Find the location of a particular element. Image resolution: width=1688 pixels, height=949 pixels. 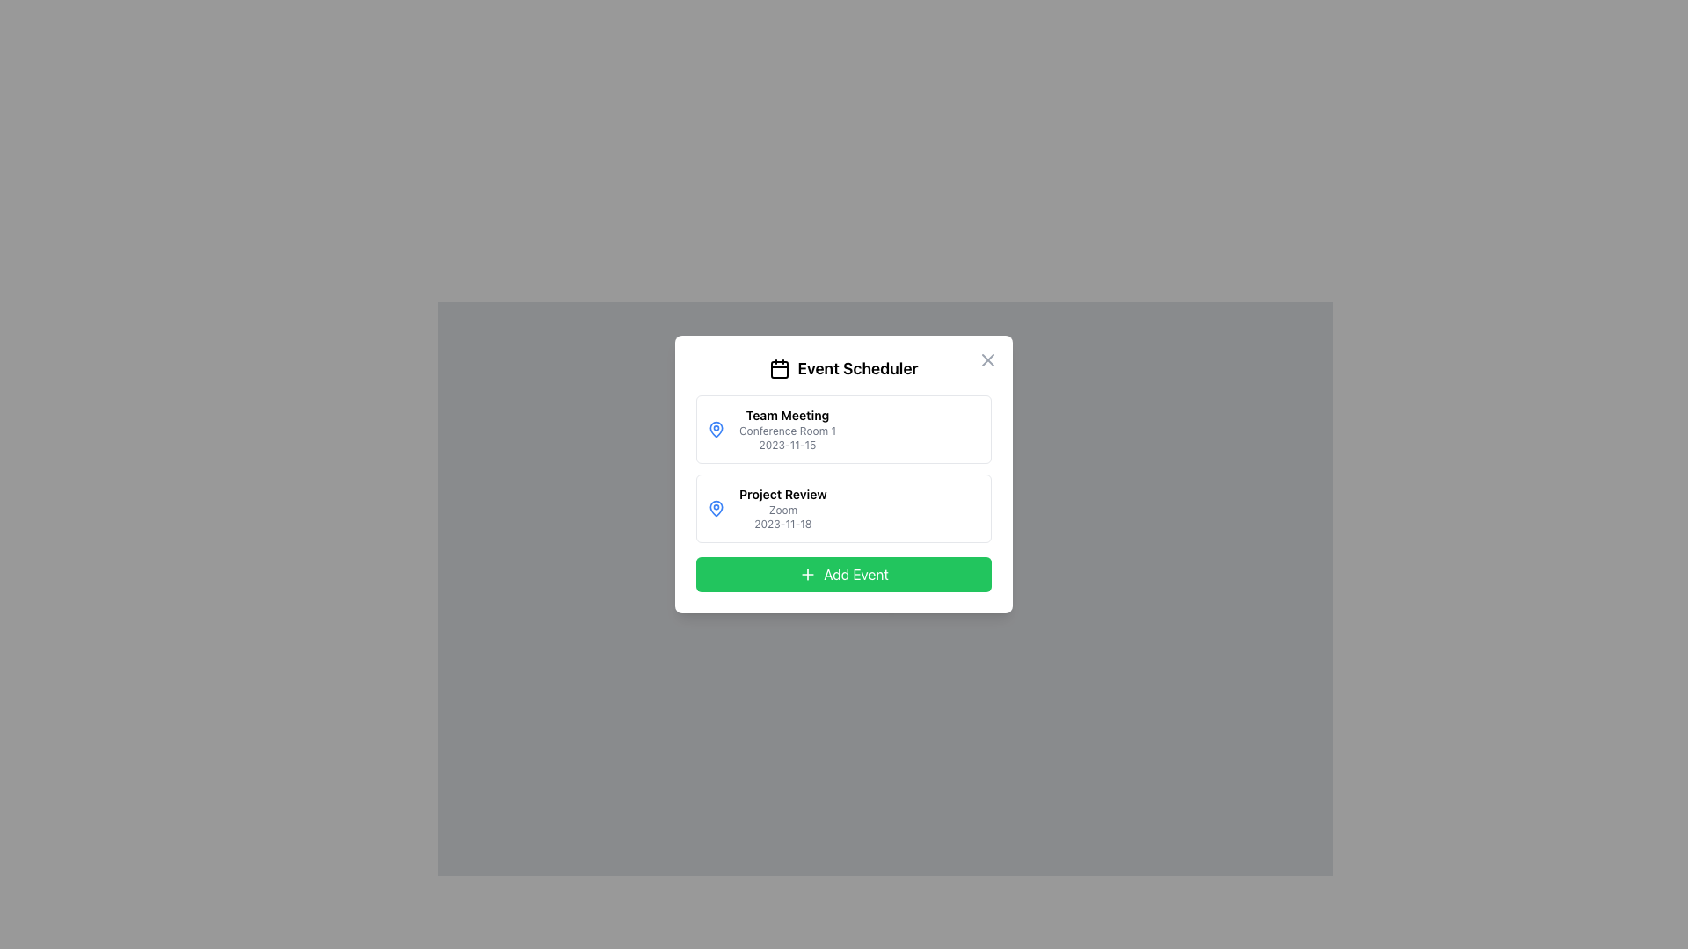

the add event button located at the bottom of the event scheduler modal is located at coordinates (844, 575).